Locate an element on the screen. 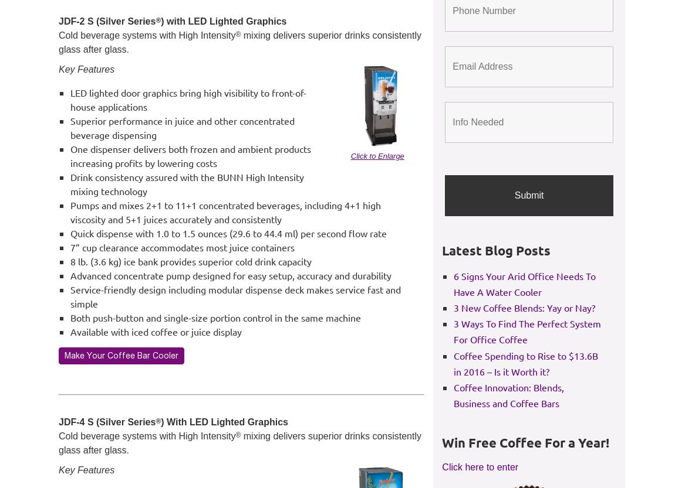 This screenshot has width=675, height=488. '6 Signs Your Arid Office Needs To Have A Water Cooler' is located at coordinates (525, 283).